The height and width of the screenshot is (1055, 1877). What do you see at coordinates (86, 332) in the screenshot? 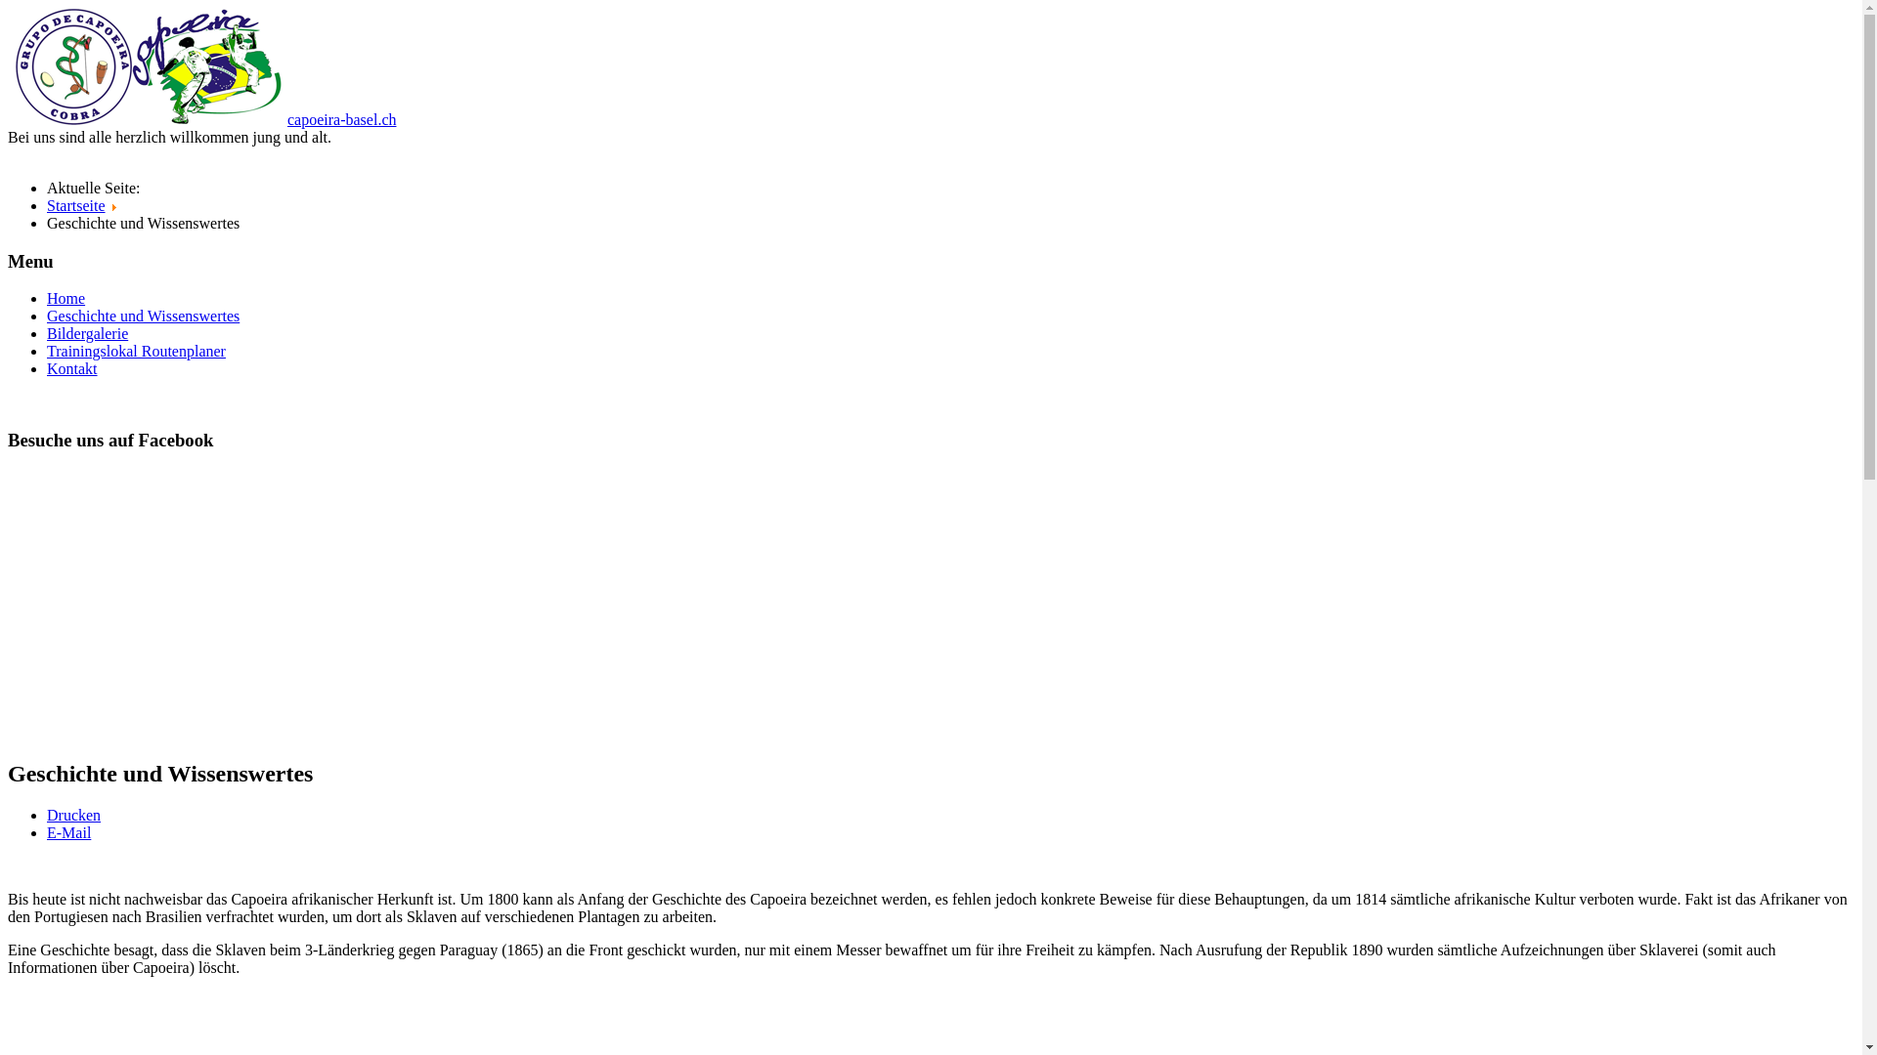
I see `'Bildergalerie'` at bounding box center [86, 332].